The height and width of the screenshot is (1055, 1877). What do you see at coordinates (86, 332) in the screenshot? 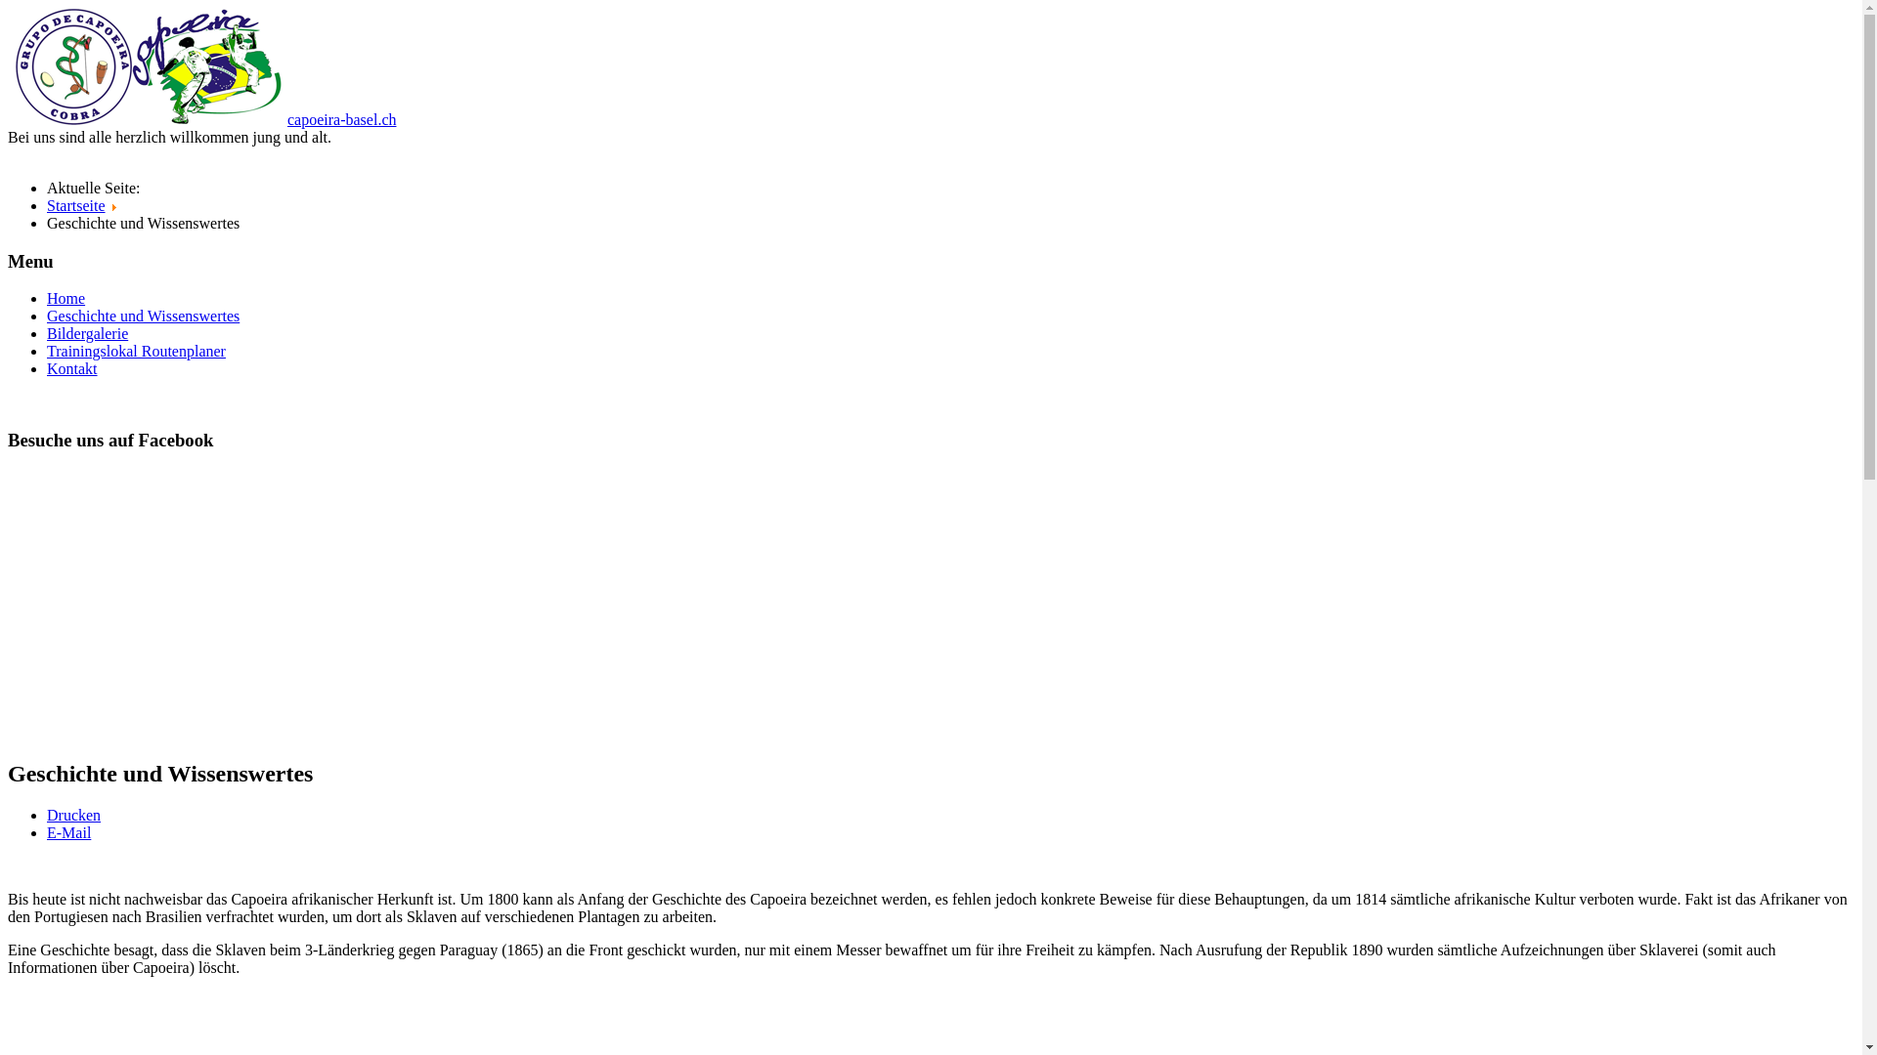
I see `'Bildergalerie'` at bounding box center [86, 332].